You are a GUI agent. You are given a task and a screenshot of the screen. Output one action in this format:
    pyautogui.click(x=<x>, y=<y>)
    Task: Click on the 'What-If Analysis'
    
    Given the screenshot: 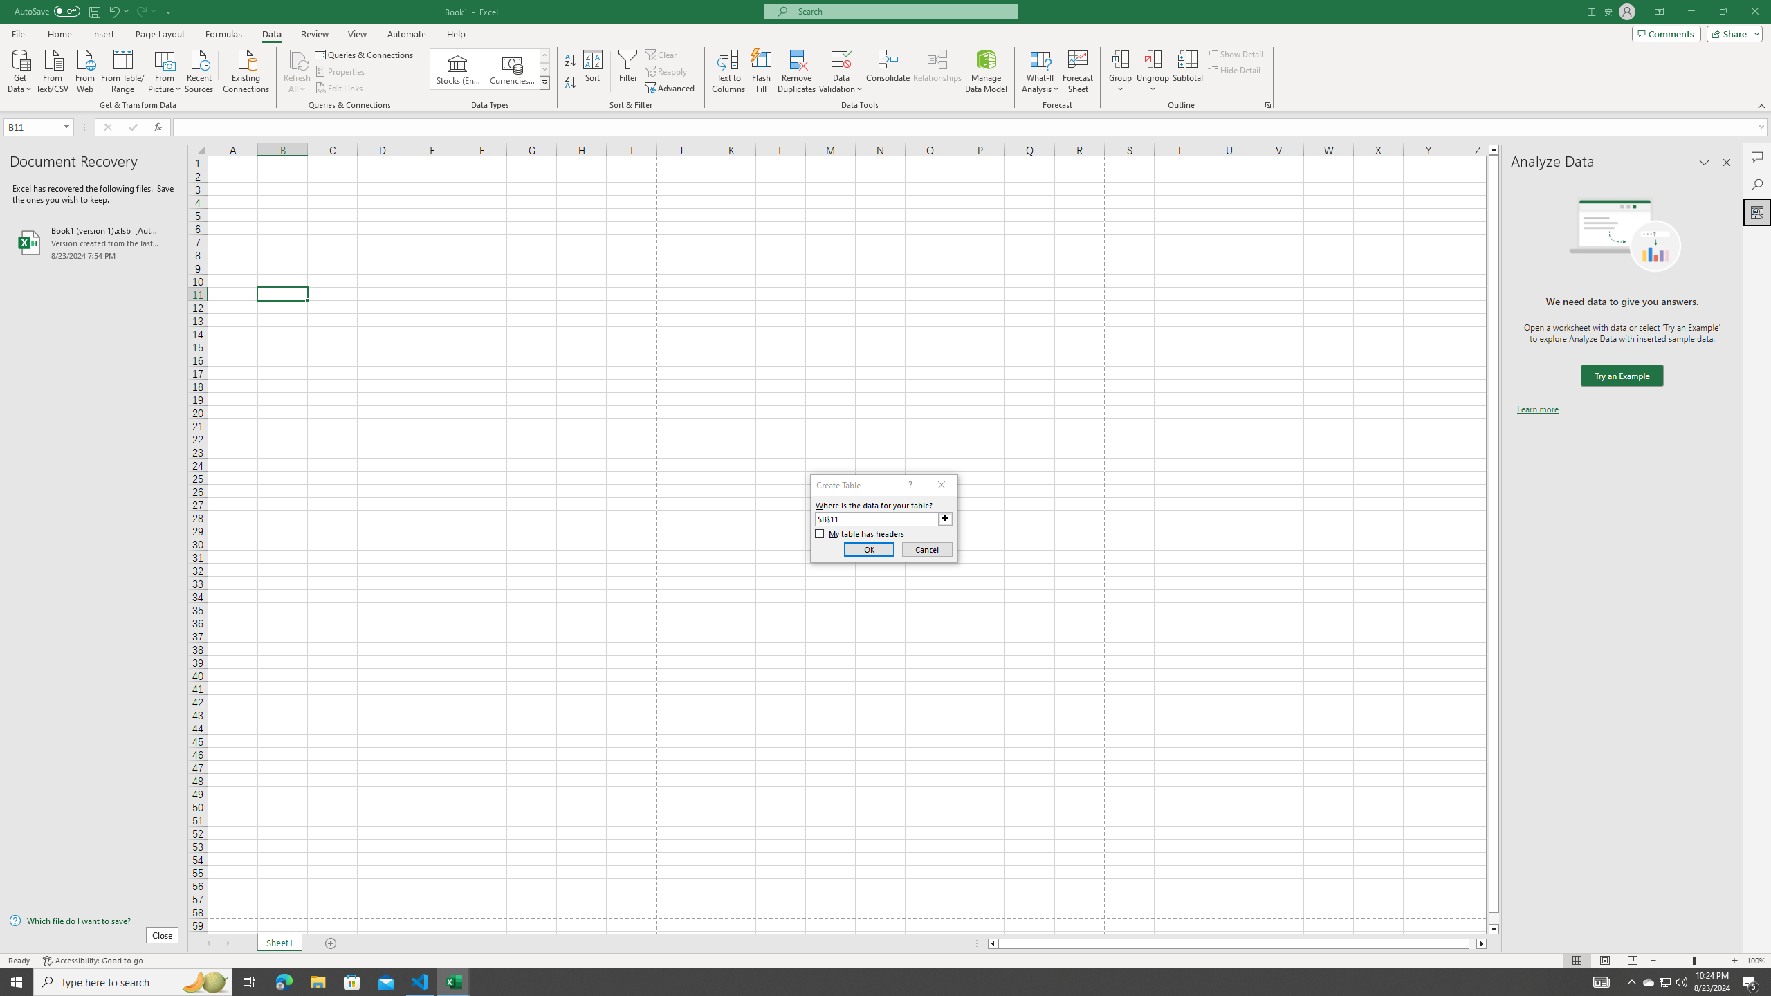 What is the action you would take?
    pyautogui.click(x=1040, y=71)
    